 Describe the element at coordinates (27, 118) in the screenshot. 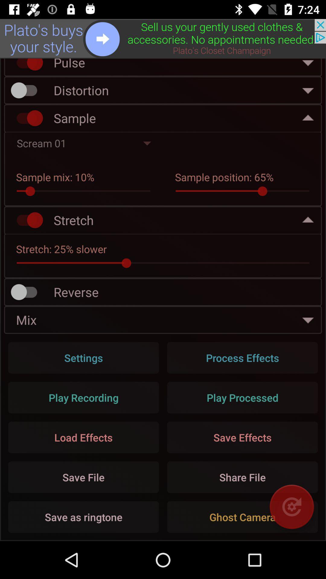

I see `disable sample` at that location.